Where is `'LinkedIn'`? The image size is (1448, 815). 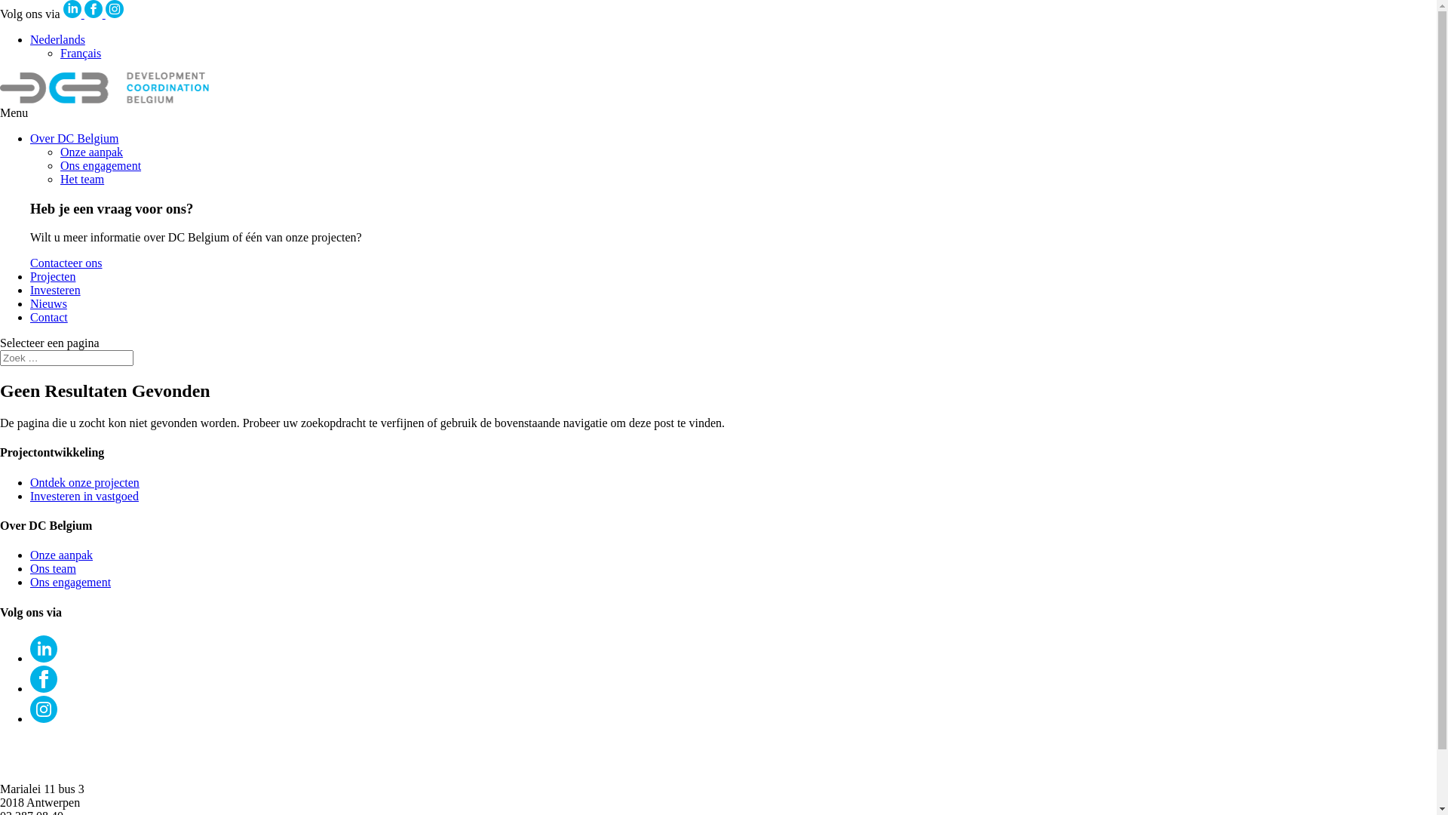 'LinkedIn' is located at coordinates (43, 657).